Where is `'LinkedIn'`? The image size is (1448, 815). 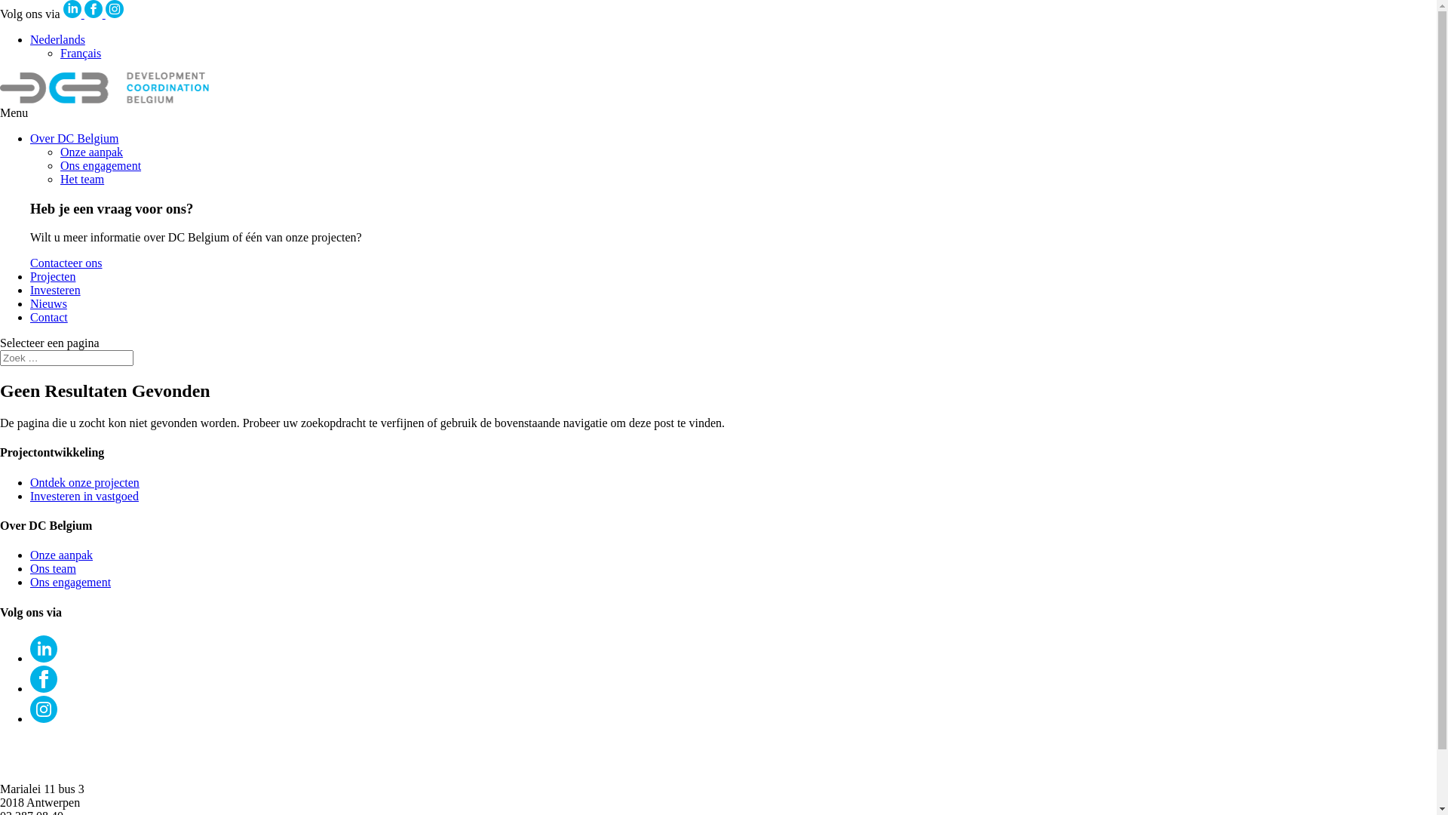 'LinkedIn' is located at coordinates (43, 657).